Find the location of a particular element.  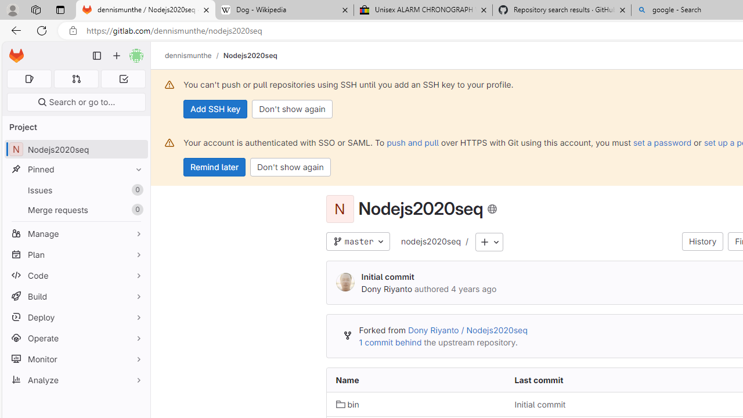

'Nodejs2020seq' is located at coordinates (249, 55).